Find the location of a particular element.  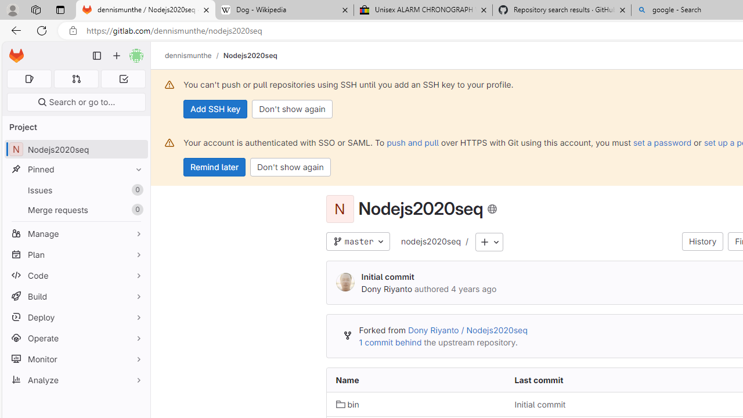

'Nodejs2020seq' is located at coordinates (249, 55).